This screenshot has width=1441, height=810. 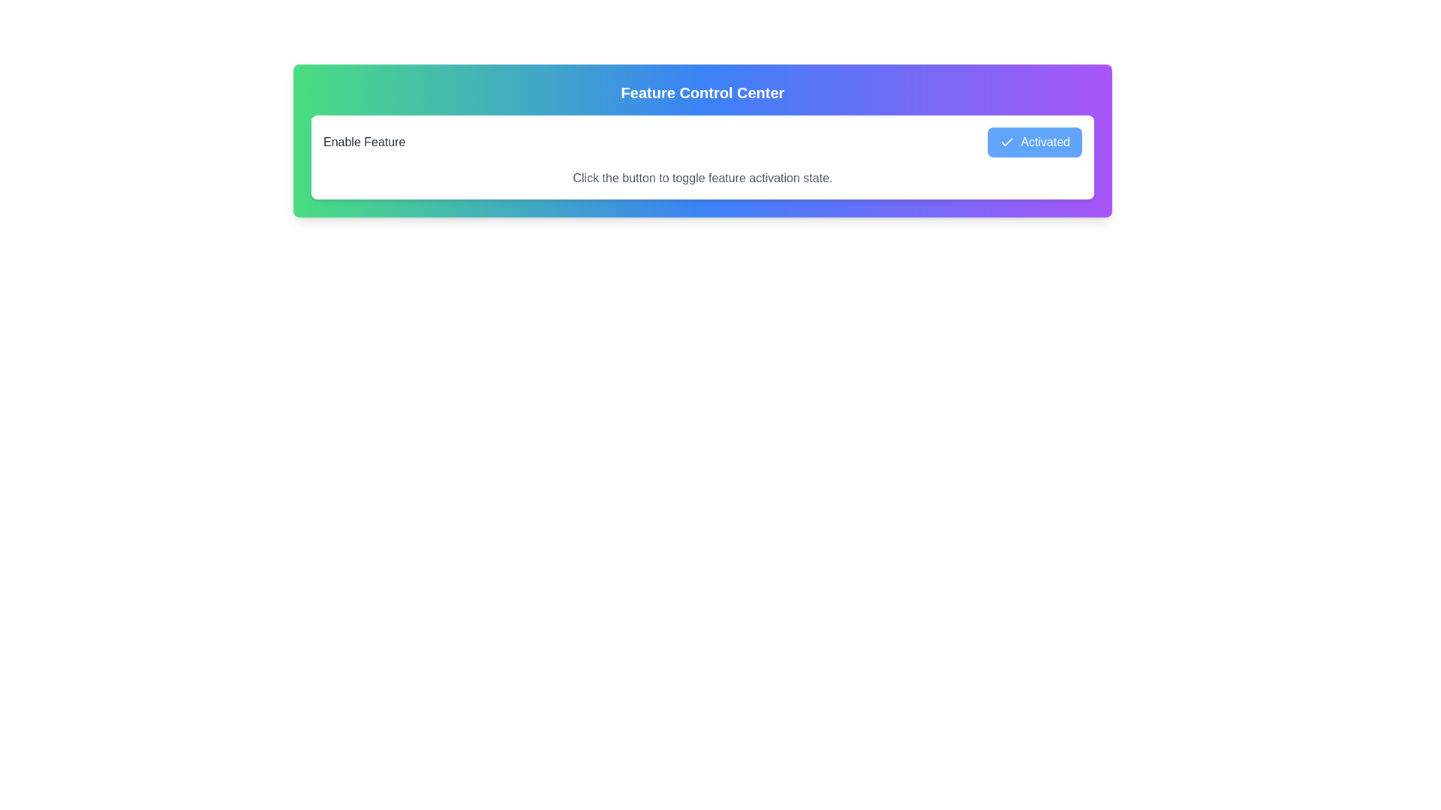 What do you see at coordinates (1034, 142) in the screenshot?
I see `the rectangular button with rounded corners that has a blue background and contains a white check icon and the text 'Activated'` at bounding box center [1034, 142].